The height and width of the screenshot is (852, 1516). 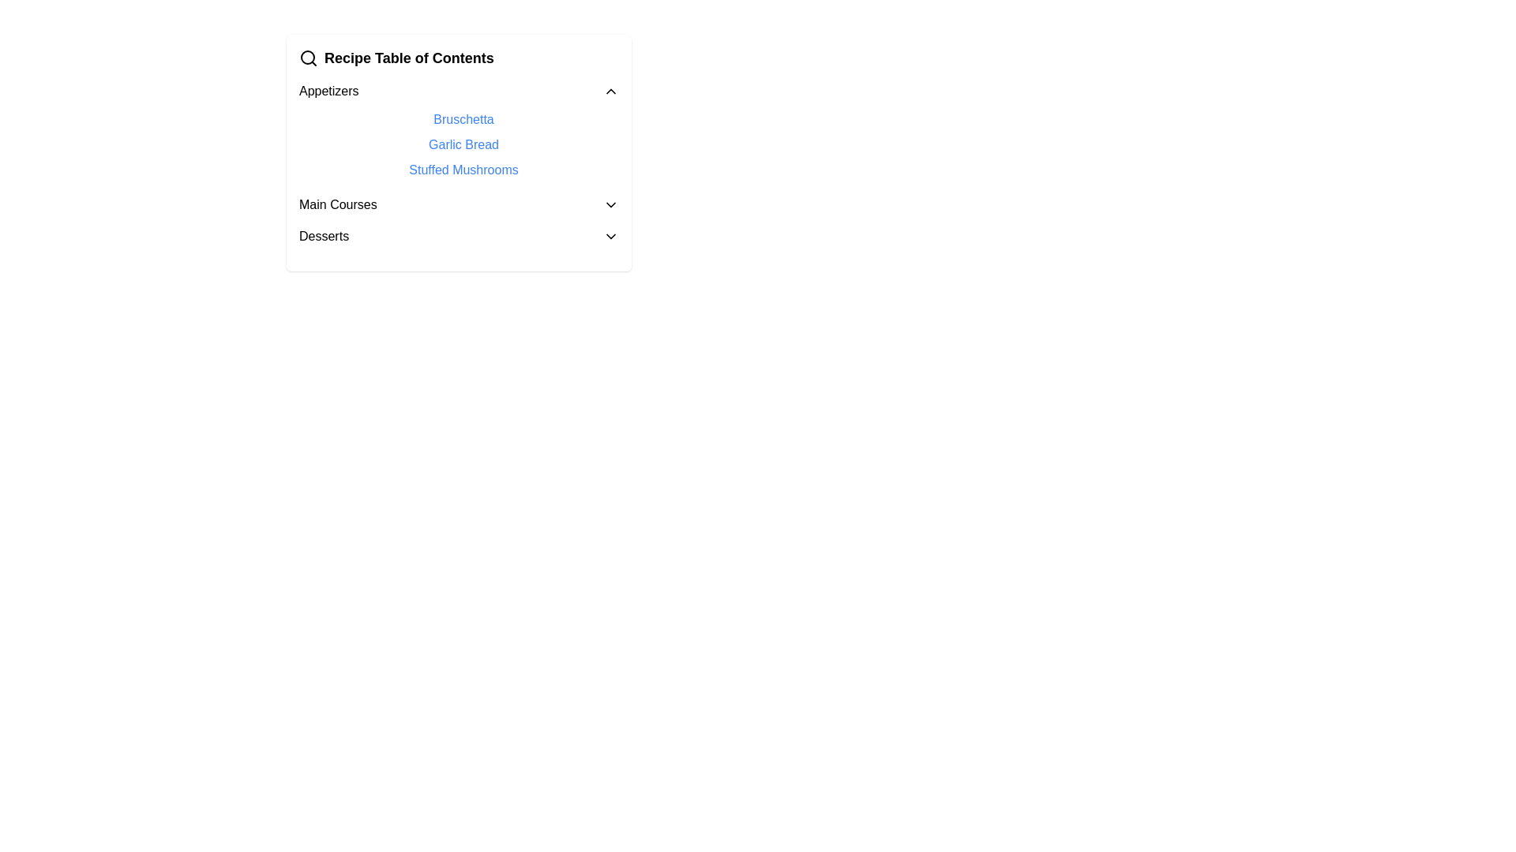 What do you see at coordinates (464, 118) in the screenshot?
I see `the Hyperlink text for 'Bruschetta' located in the 'Appetizers' section to underline it for visual feedback` at bounding box center [464, 118].